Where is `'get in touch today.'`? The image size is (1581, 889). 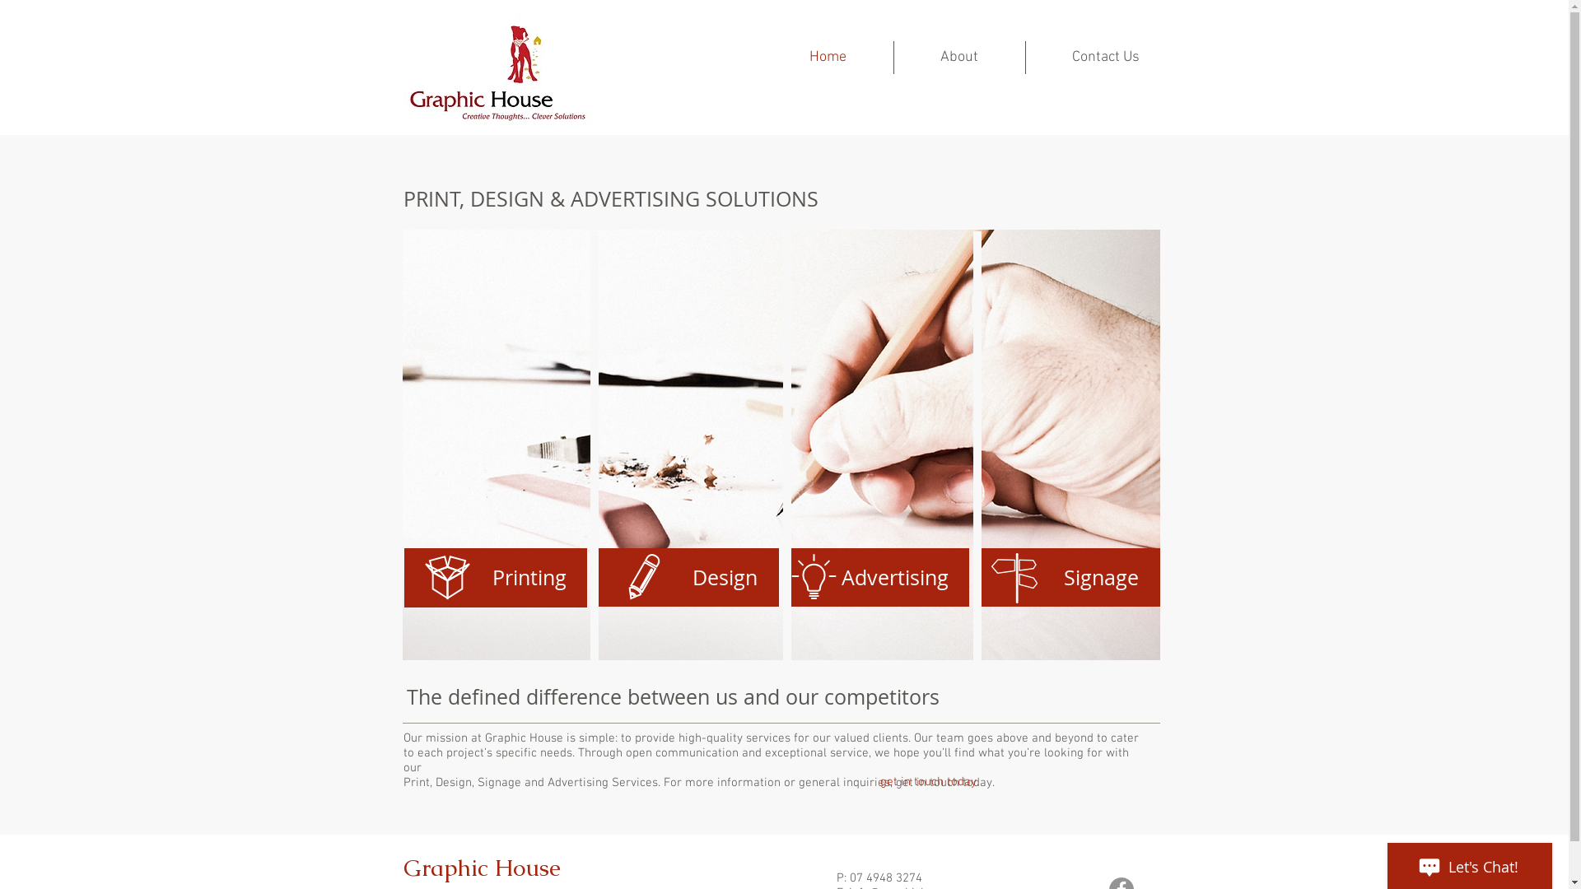 'get in touch today.' is located at coordinates (929, 781).